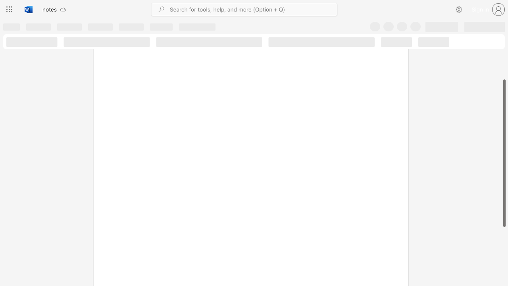 The height and width of the screenshot is (286, 508). Describe the element at coordinates (504, 153) in the screenshot. I see `the scrollbar and move up 170 pixels` at that location.